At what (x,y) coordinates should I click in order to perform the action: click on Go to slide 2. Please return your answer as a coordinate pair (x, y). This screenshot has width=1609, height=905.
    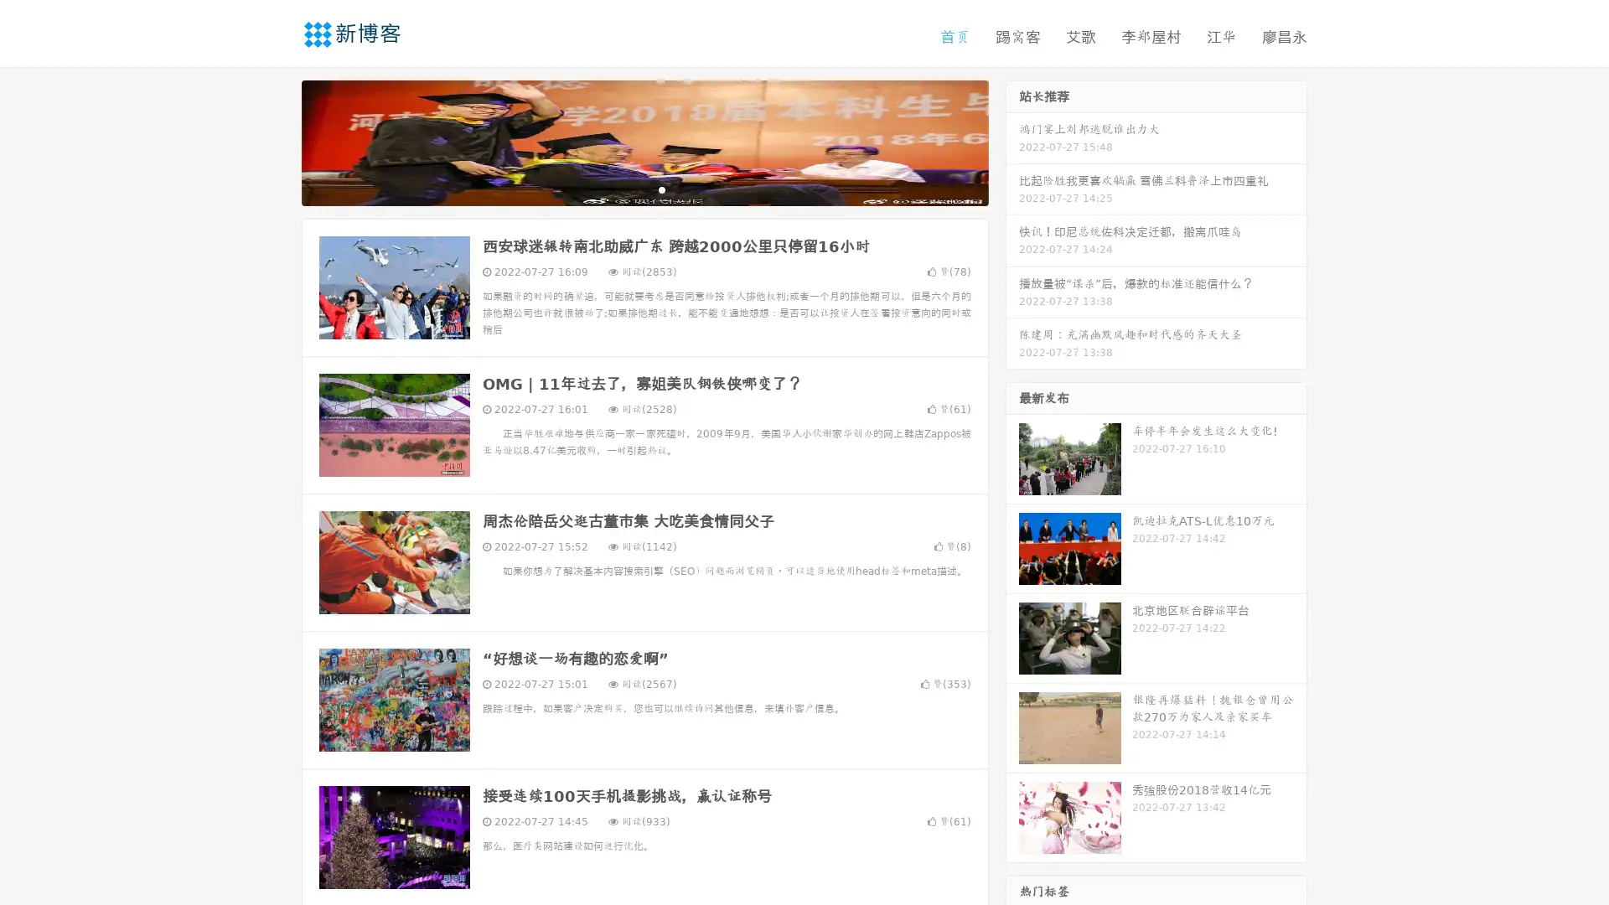
    Looking at the image, I should click on (644, 189).